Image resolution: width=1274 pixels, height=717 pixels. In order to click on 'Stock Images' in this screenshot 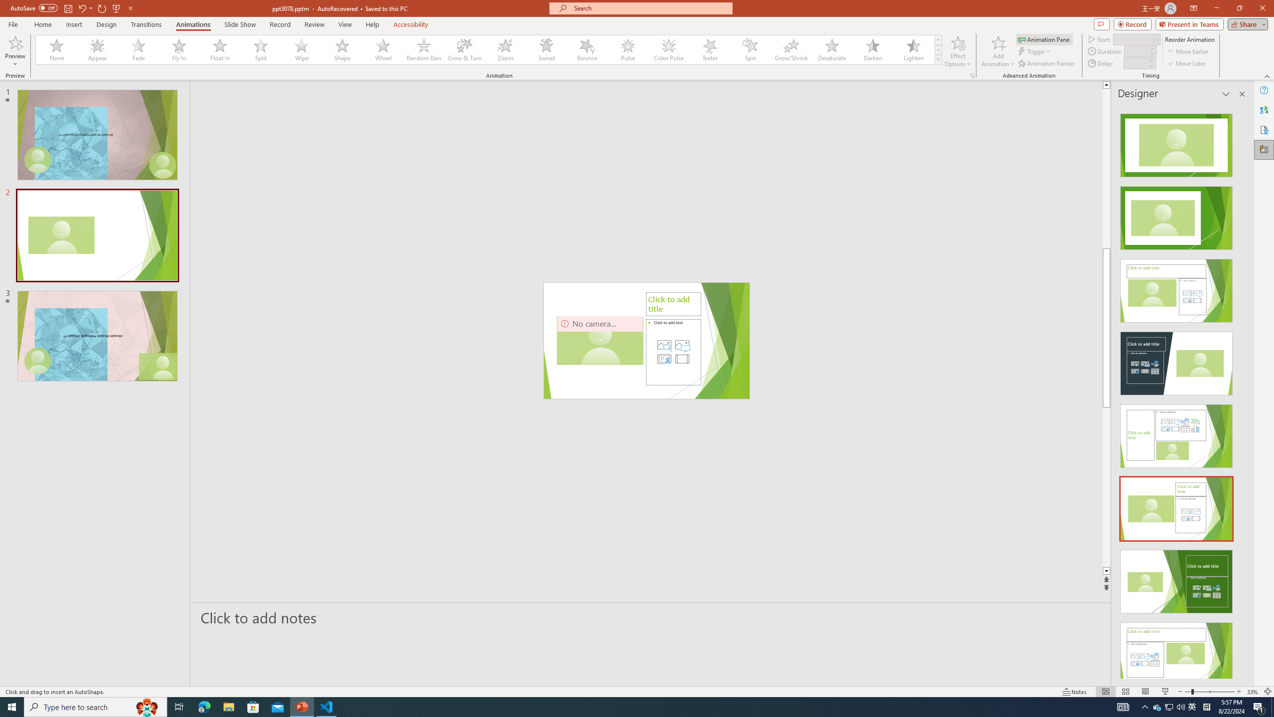, I will do `click(664, 345)`.